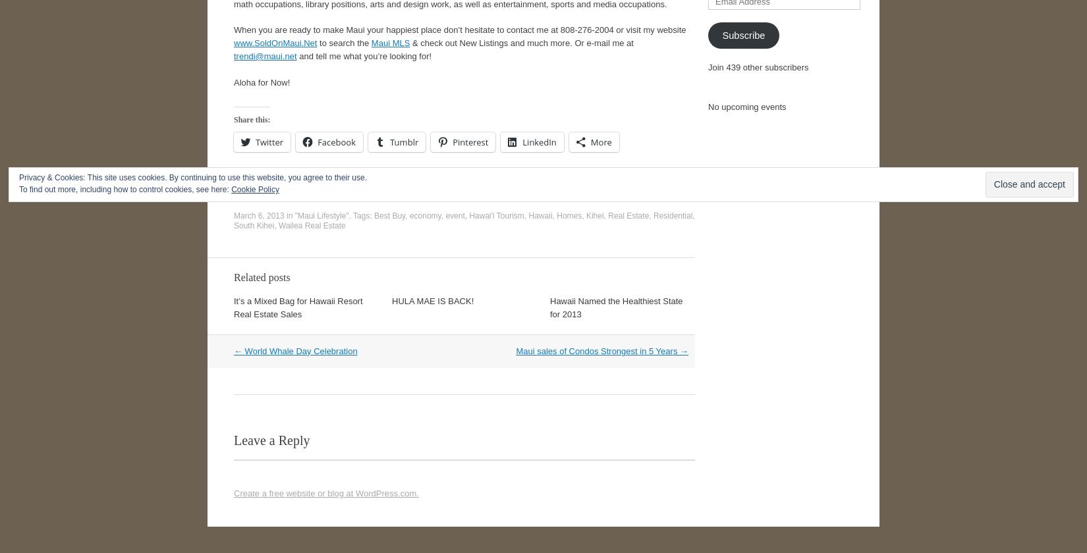 The image size is (1087, 553). I want to click on 'Homes', so click(569, 215).